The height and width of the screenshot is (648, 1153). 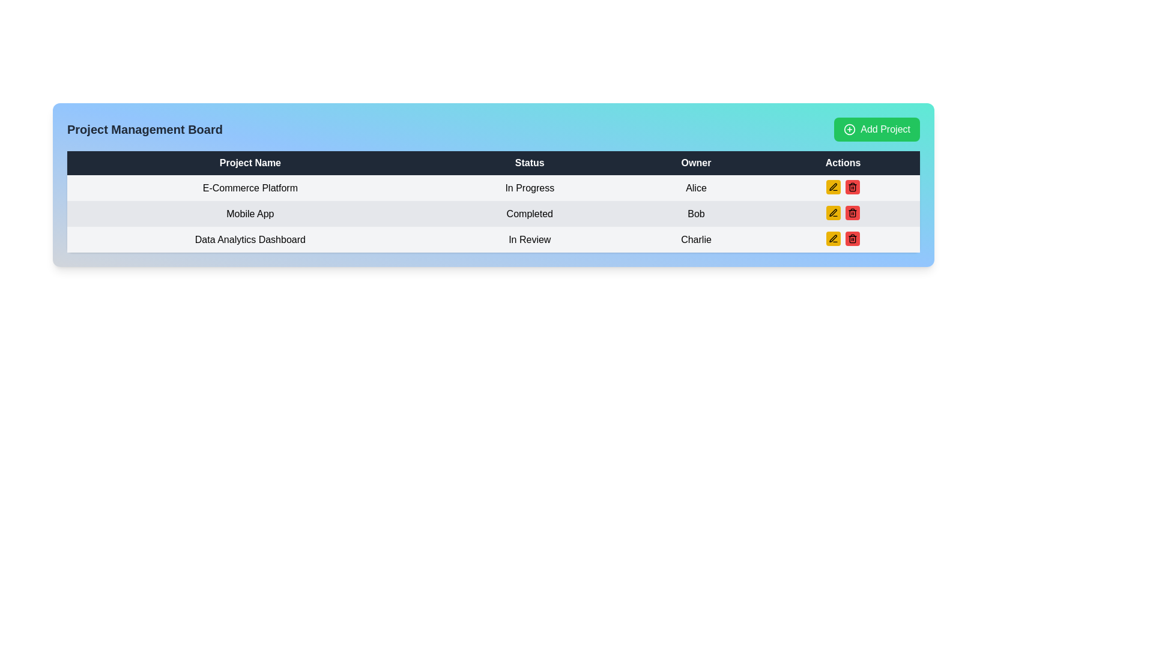 What do you see at coordinates (249, 239) in the screenshot?
I see `the label indicating the project name 'Data Analytics Dashboard' located in the third row under the 'Project Name' column of the table` at bounding box center [249, 239].